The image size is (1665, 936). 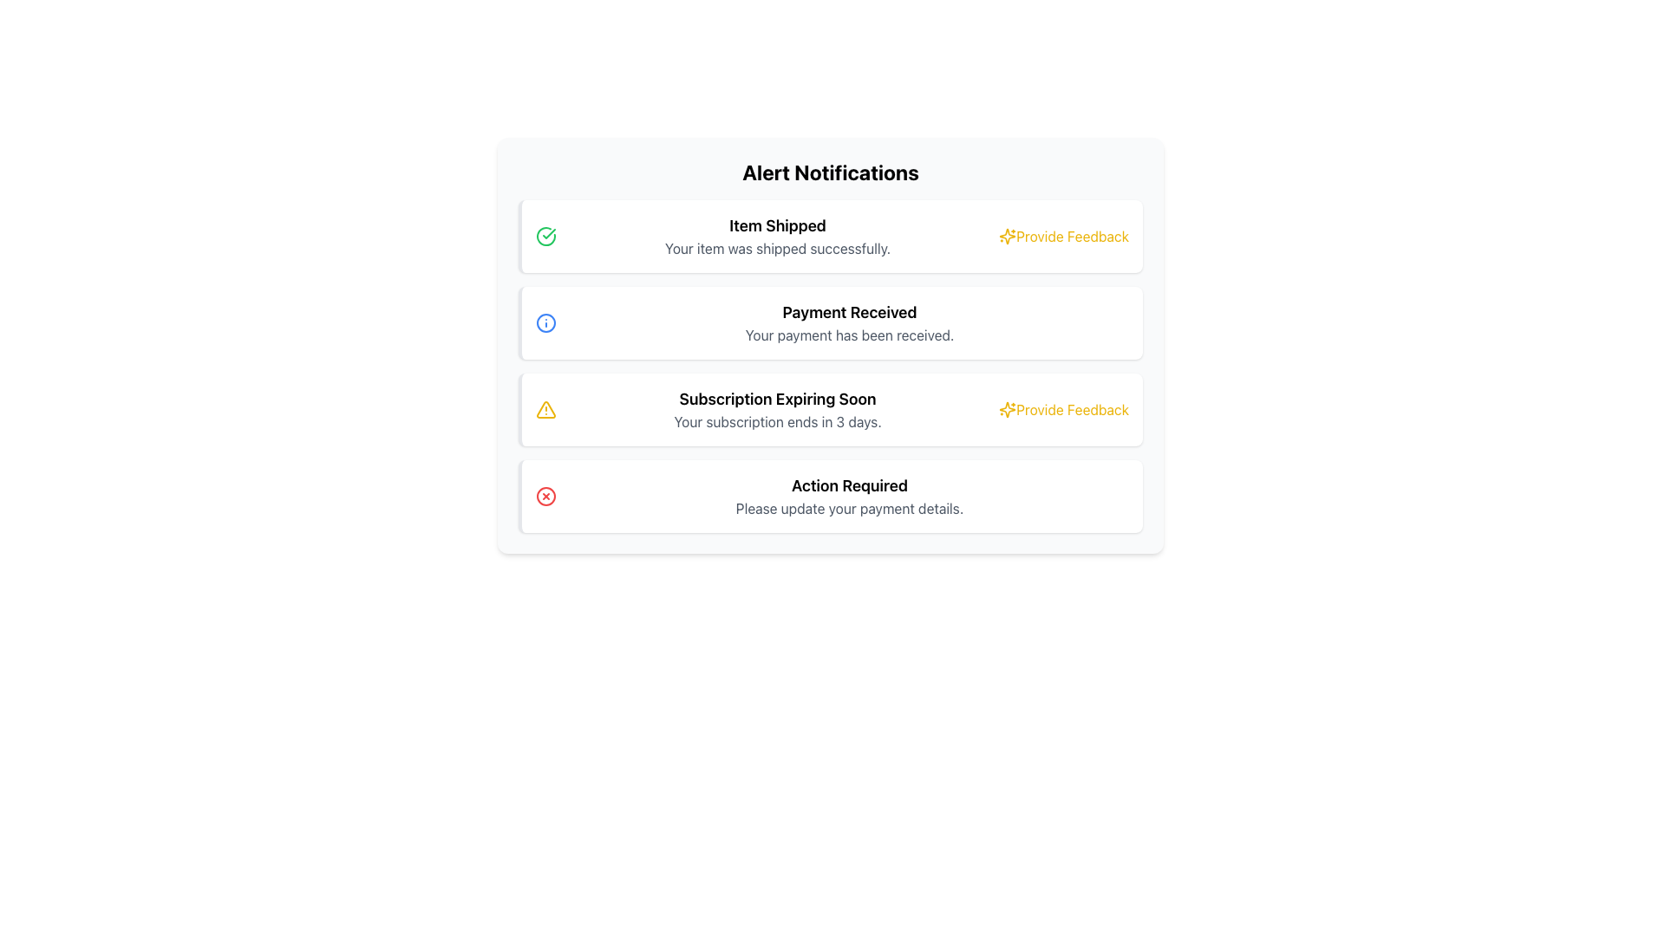 I want to click on the Graphical Icon (Checkmark) that visually confirms the 'Item Shipped' notification located in the topmost notification item under 'Alert Notifications', so click(x=548, y=234).